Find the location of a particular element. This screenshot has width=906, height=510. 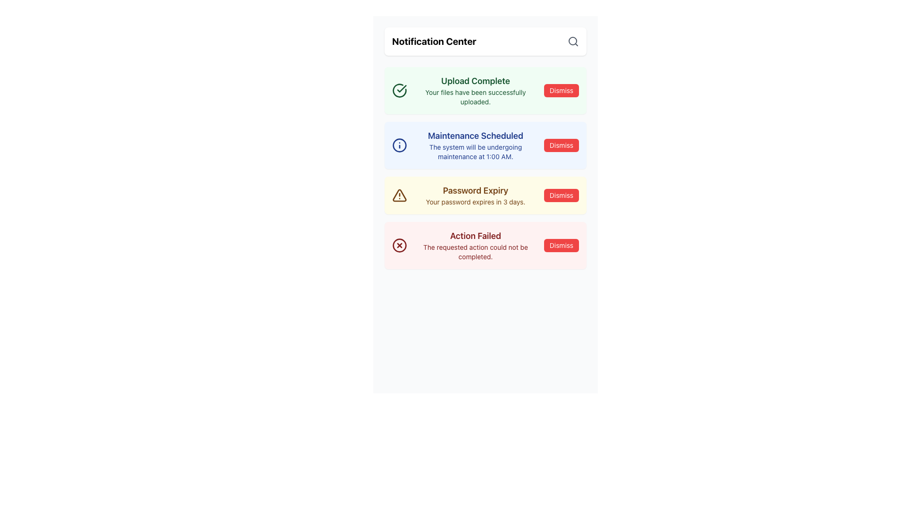

text displayed in the title of the notification card located in the third position of the list under the 'Notification Center', which has a yellow background is located at coordinates (476, 191).